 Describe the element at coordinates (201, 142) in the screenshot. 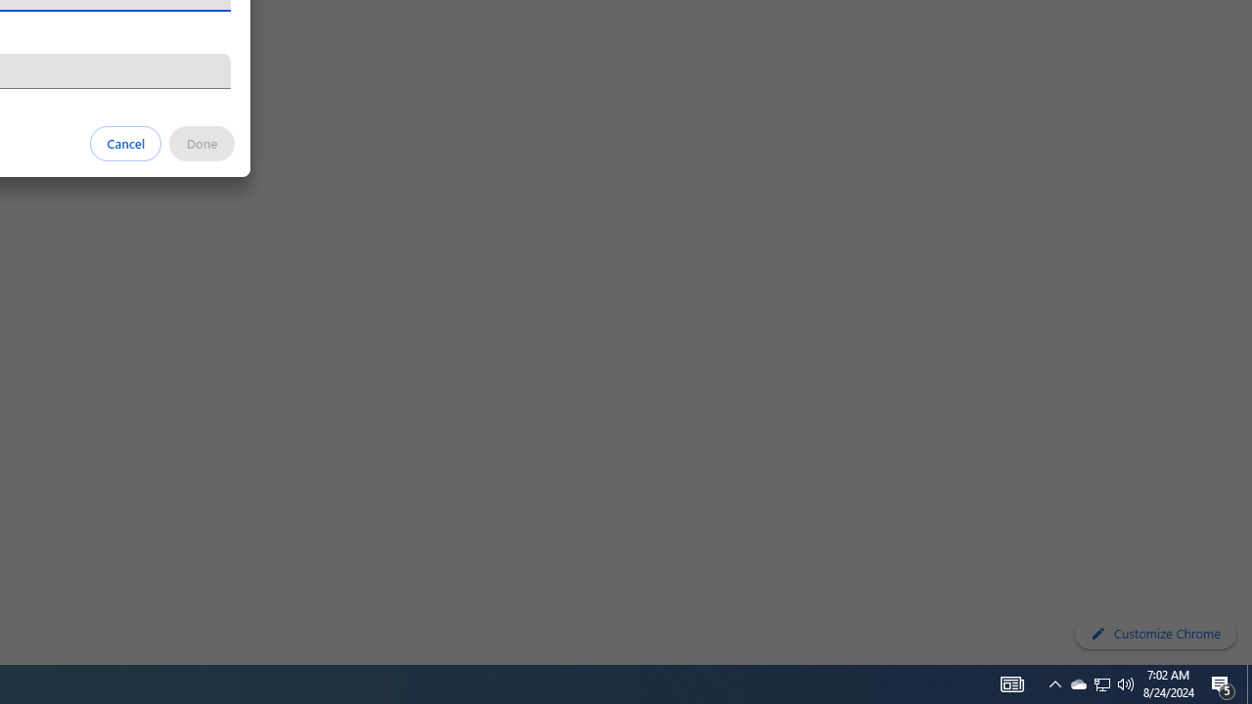

I see `'Done'` at that location.